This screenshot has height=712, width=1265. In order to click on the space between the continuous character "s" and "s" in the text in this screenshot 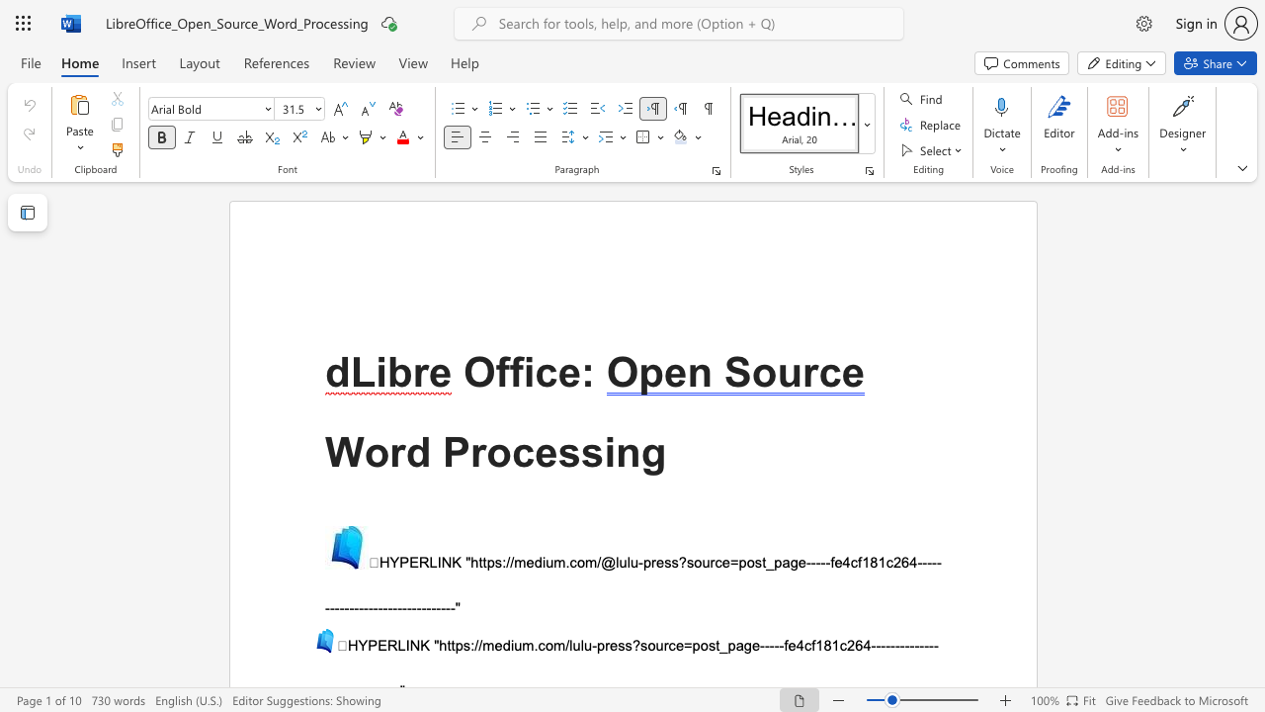, I will do `click(671, 563)`.